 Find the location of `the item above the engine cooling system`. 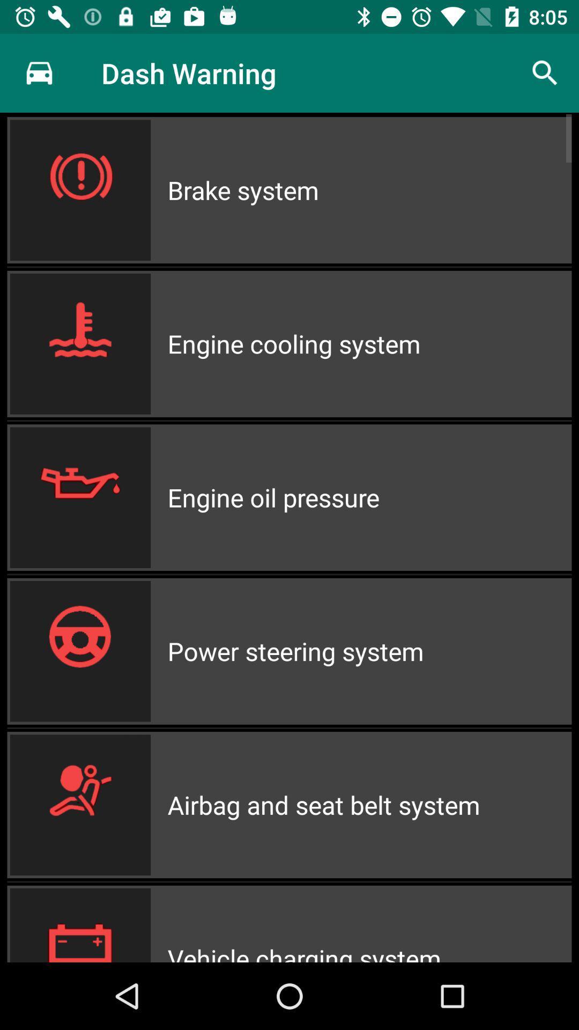

the item above the engine cooling system is located at coordinates (369, 190).